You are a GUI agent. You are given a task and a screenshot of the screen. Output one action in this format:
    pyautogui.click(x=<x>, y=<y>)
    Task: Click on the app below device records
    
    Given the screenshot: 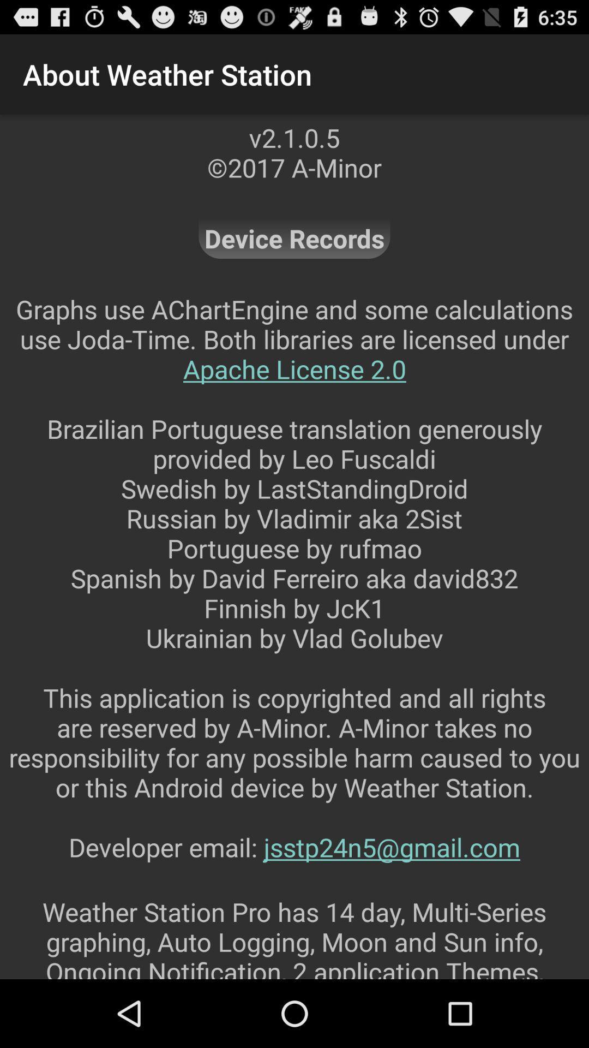 What is the action you would take?
    pyautogui.click(x=294, y=592)
    